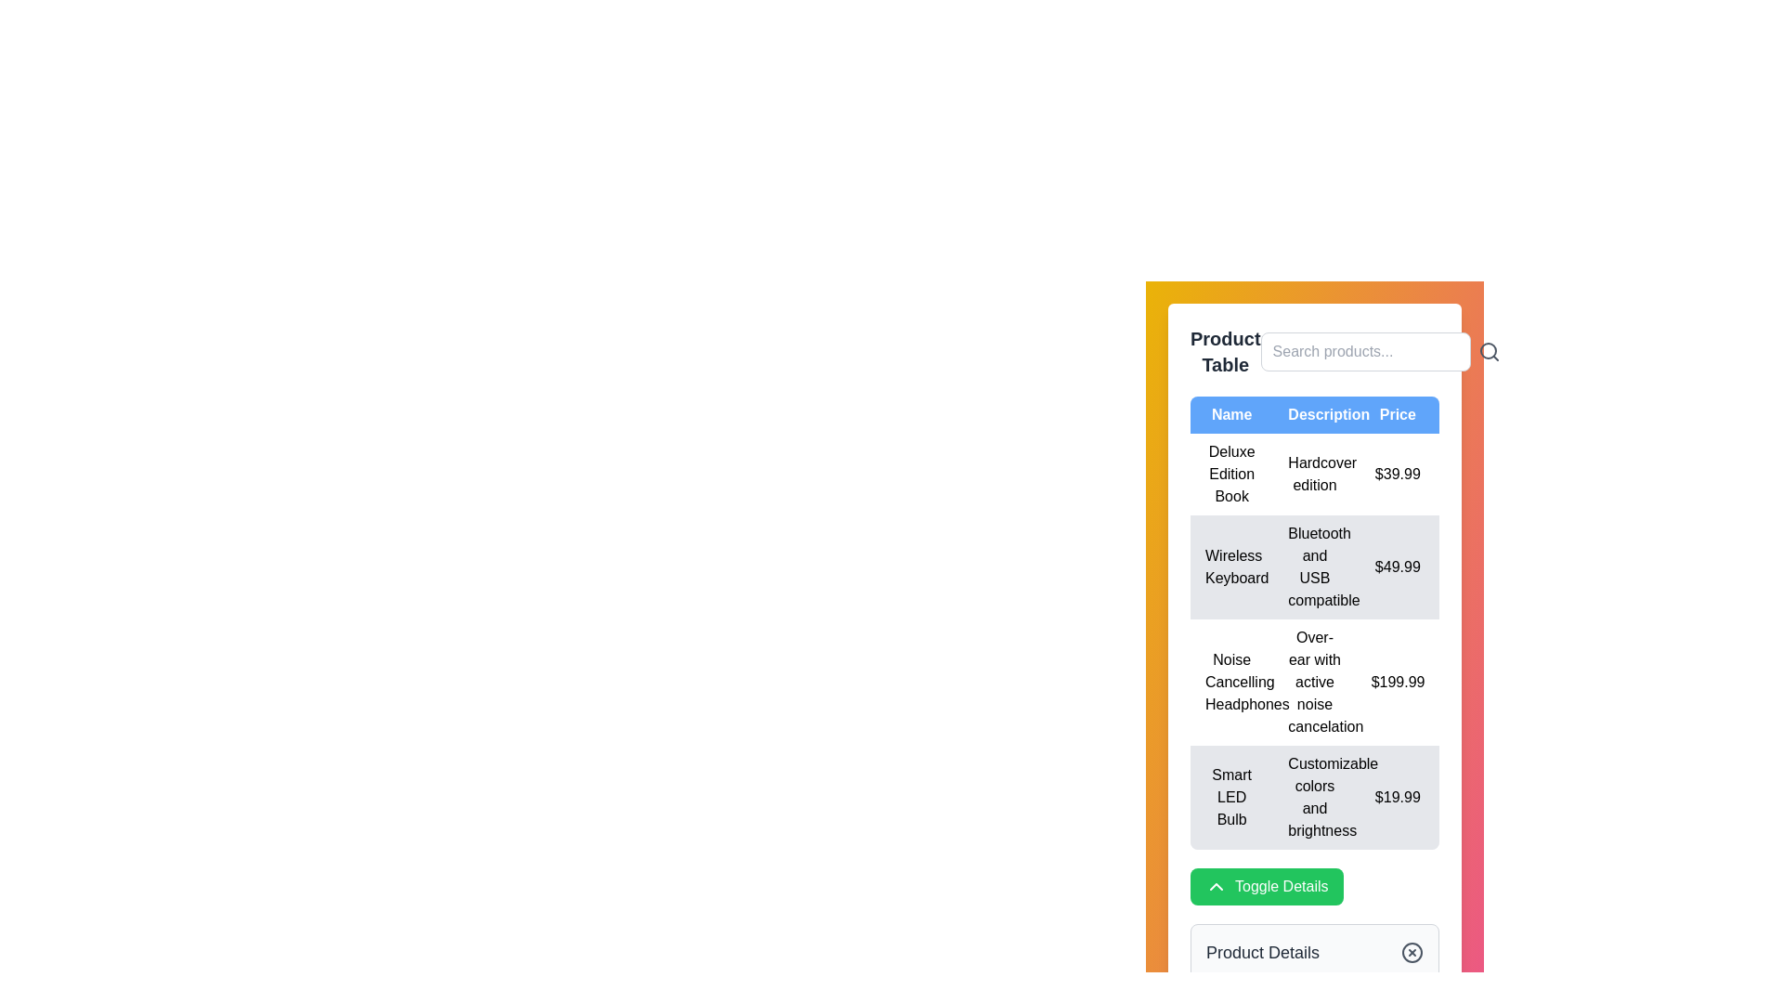 The image size is (1783, 1003). I want to click on the Text label that indicates the format information for the hardcover edition of the Deluxe Edition Book, located in the 'Description' column of the table, so click(1314, 473).